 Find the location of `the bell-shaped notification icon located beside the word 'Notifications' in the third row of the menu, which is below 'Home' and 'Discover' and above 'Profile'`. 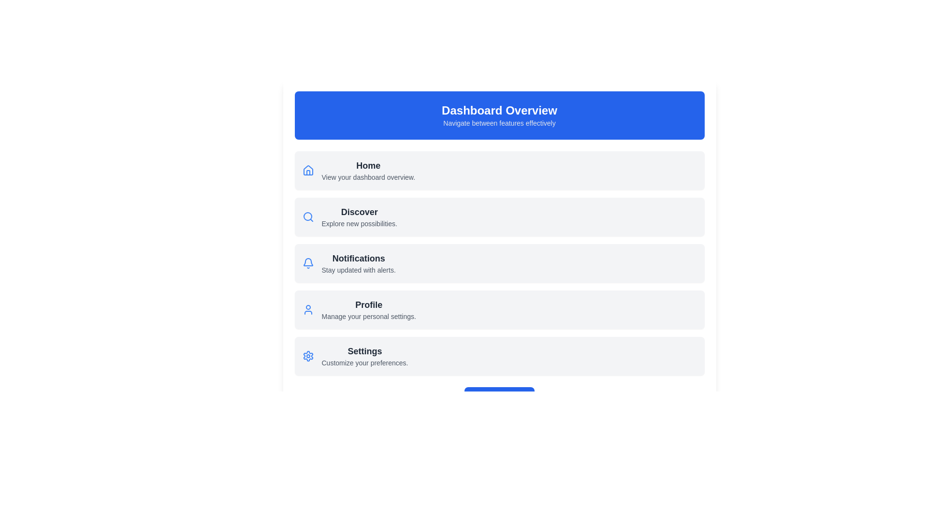

the bell-shaped notification icon located beside the word 'Notifications' in the third row of the menu, which is below 'Home' and 'Discover' and above 'Profile' is located at coordinates (307, 262).